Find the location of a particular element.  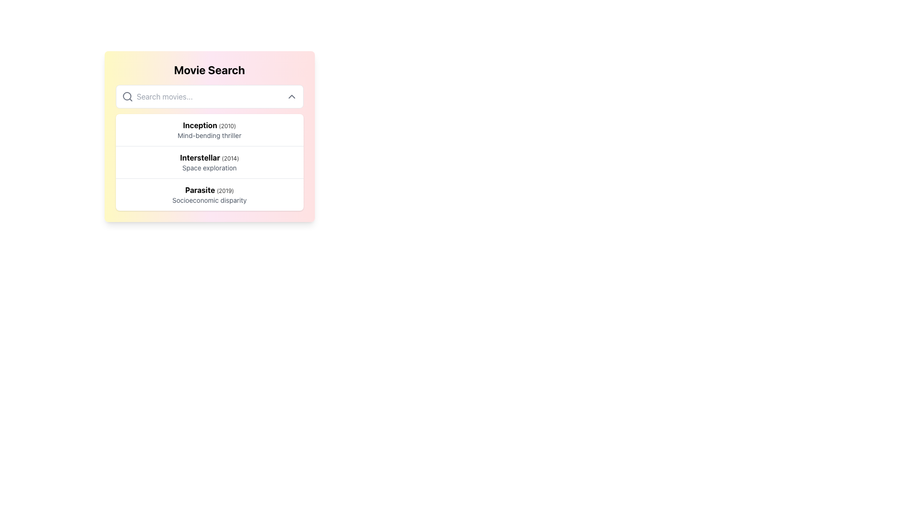

the static text displaying 'Parasite (2019)' which is prominently styled and located at the top middle of the movie results, directly below 'Interstellar (2014)' is located at coordinates (209, 190).